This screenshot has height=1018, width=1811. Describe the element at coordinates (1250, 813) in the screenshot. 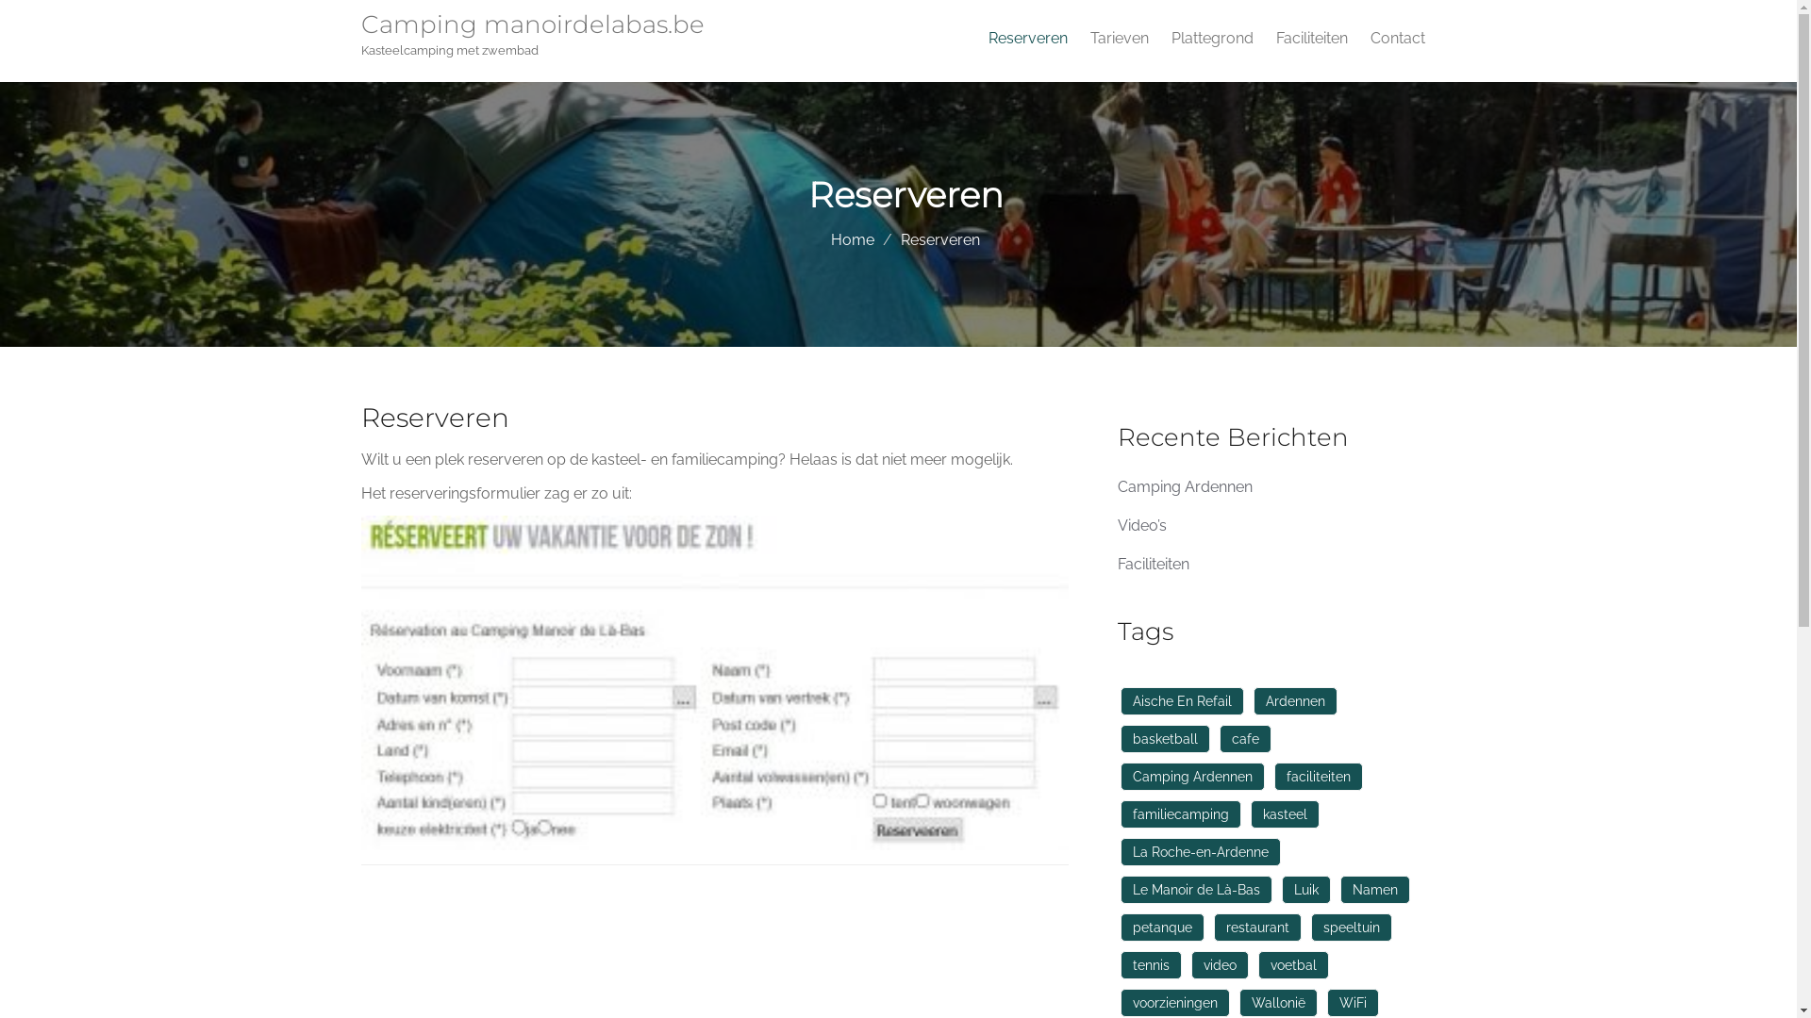

I see `'kasteel'` at that location.